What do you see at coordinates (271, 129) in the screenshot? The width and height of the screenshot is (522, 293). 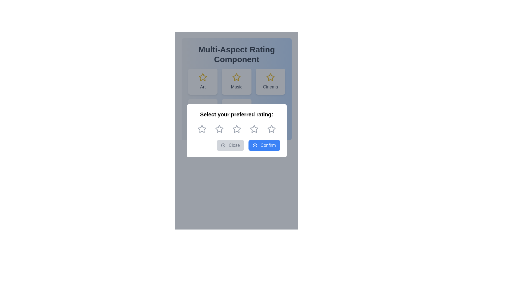 I see `the fifth star-shaped icon in the rating selection component` at bounding box center [271, 129].